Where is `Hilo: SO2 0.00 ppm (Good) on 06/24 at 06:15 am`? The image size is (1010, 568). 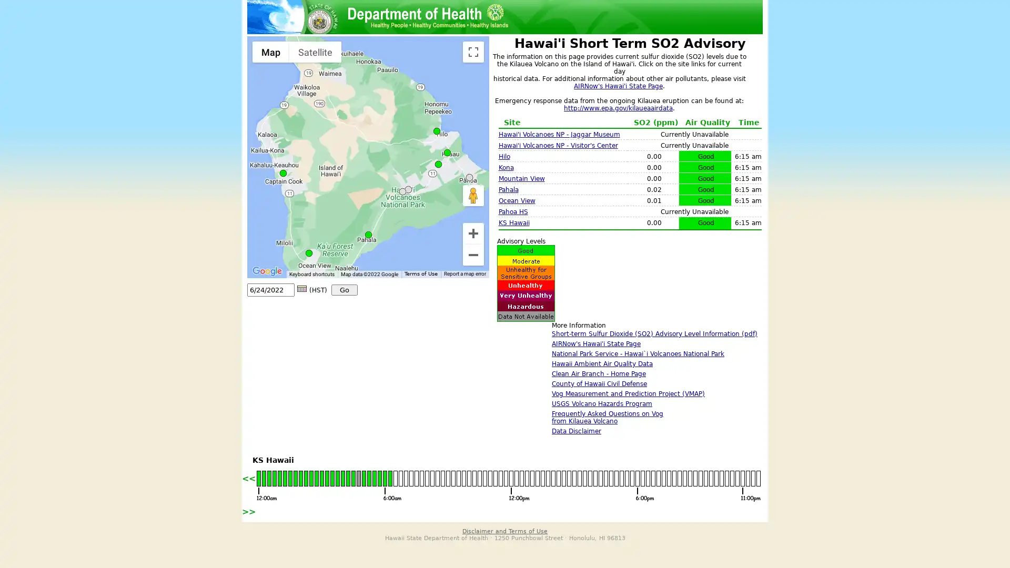
Hilo: SO2 0.00 ppm (Good) on 06/24 at 06:15 am is located at coordinates (437, 130).